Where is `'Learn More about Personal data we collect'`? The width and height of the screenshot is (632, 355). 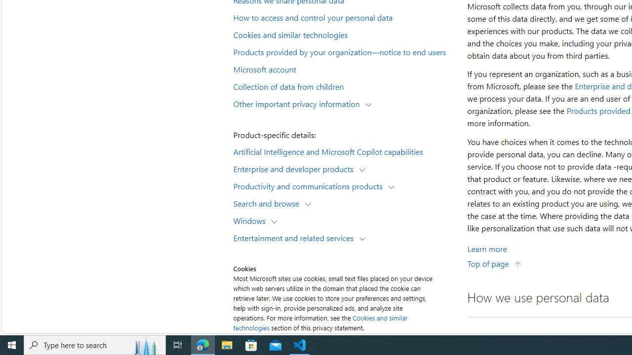 'Learn More about Personal data we collect' is located at coordinates (487, 248).